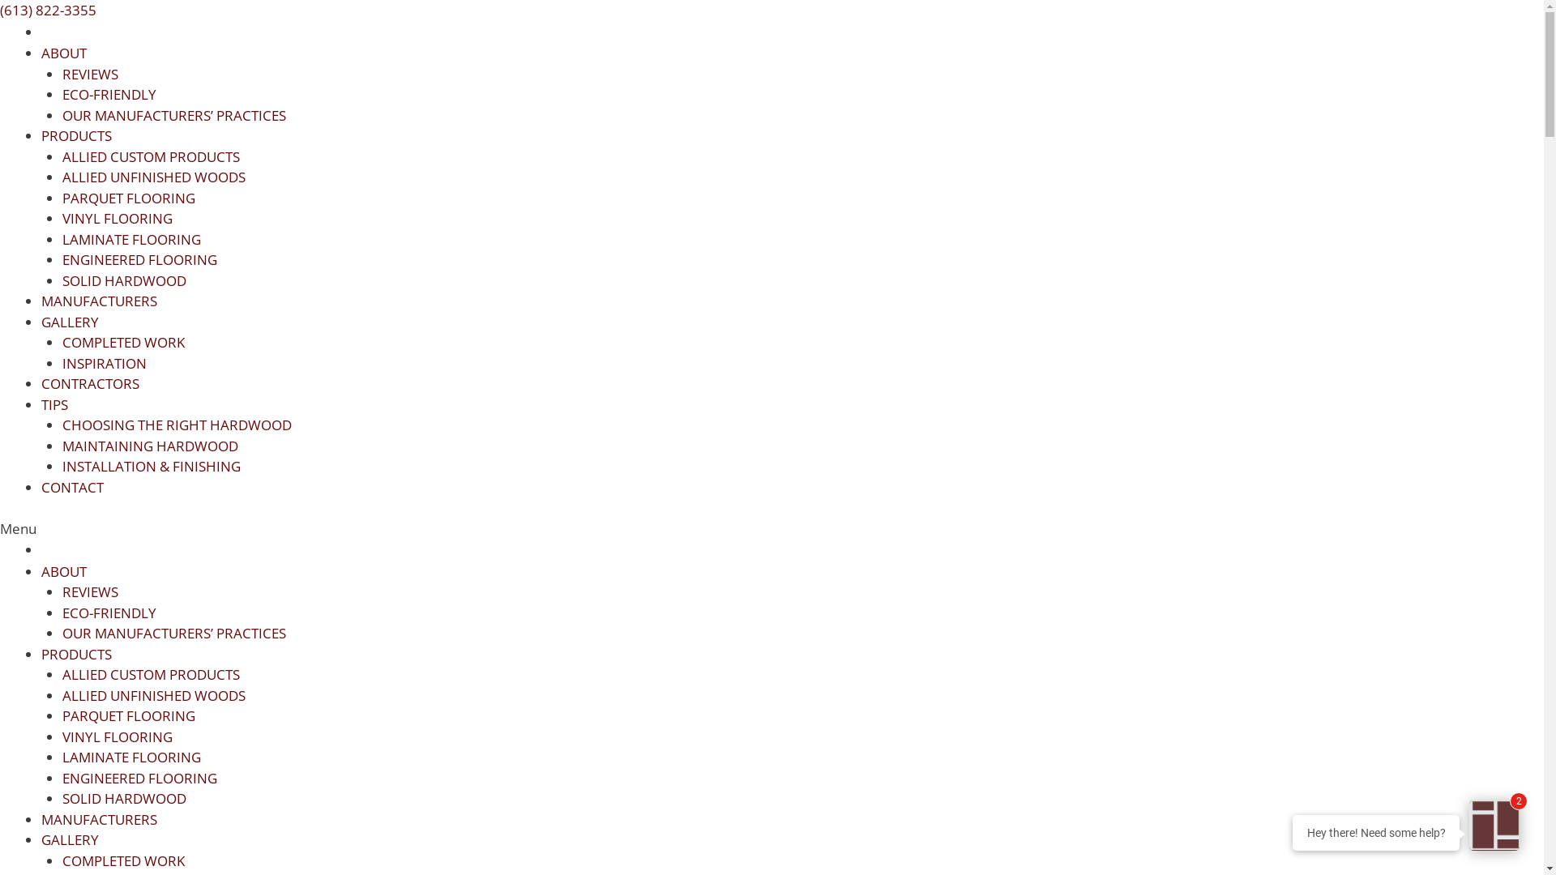  I want to click on 'MANUFACTURERS', so click(98, 819).